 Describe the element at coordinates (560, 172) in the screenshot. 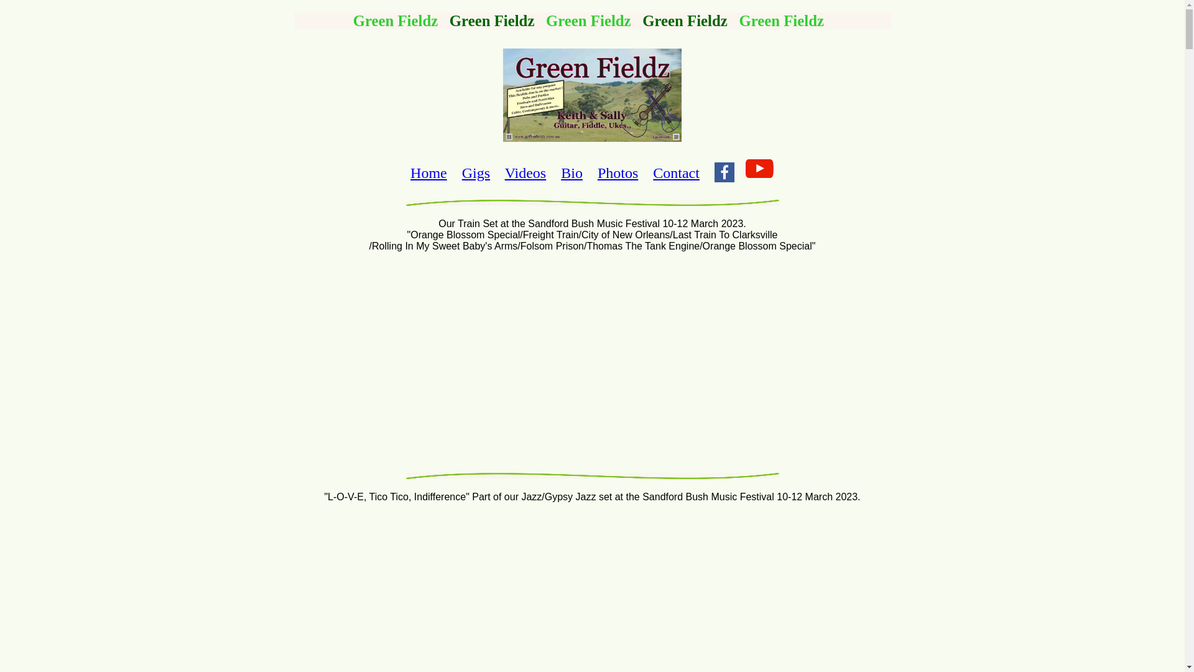

I see `'Bio'` at that location.